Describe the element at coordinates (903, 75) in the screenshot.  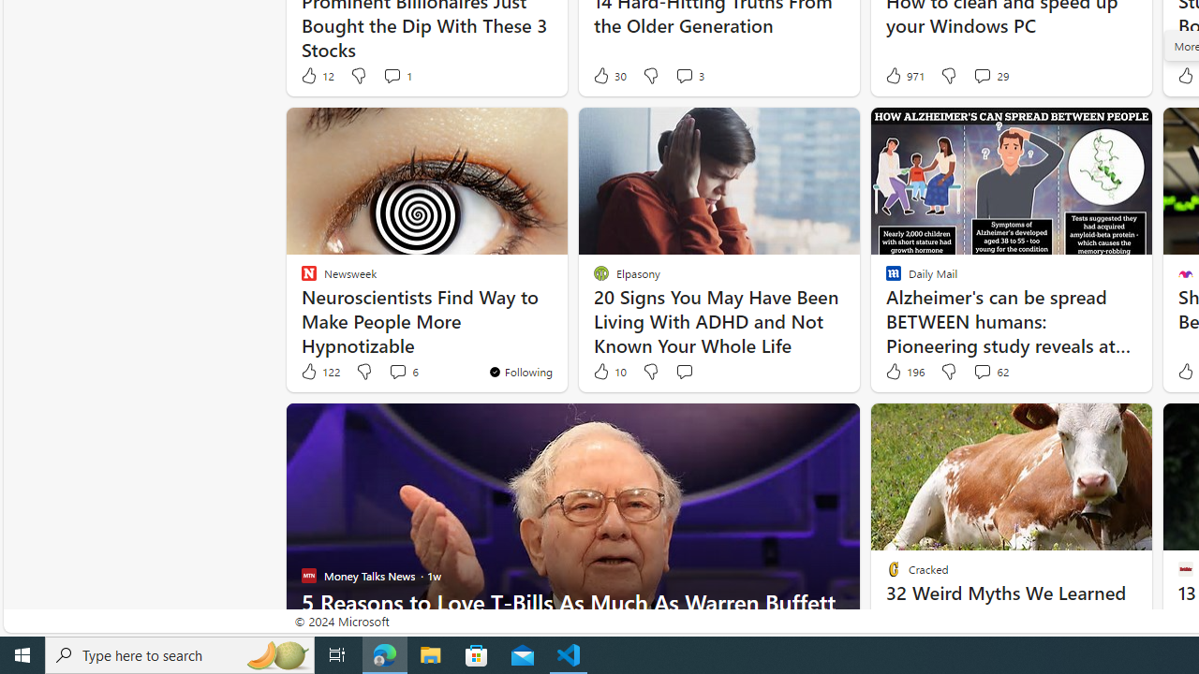
I see `'971 Like'` at that location.